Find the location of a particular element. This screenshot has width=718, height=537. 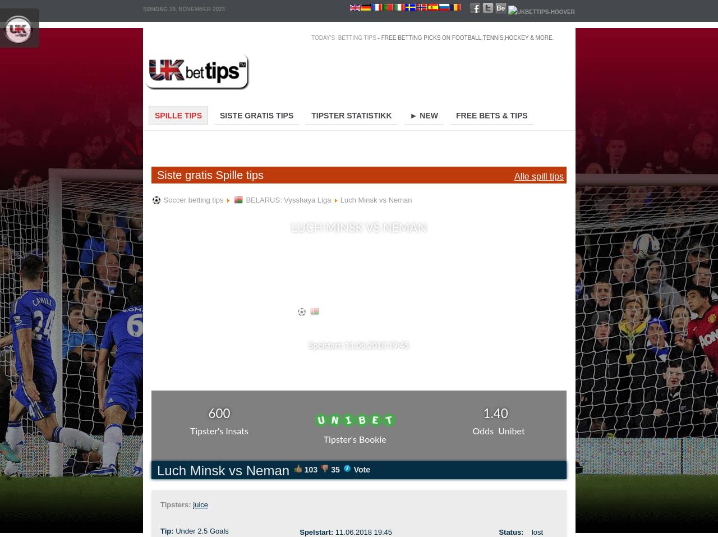

'103' is located at coordinates (310, 469).